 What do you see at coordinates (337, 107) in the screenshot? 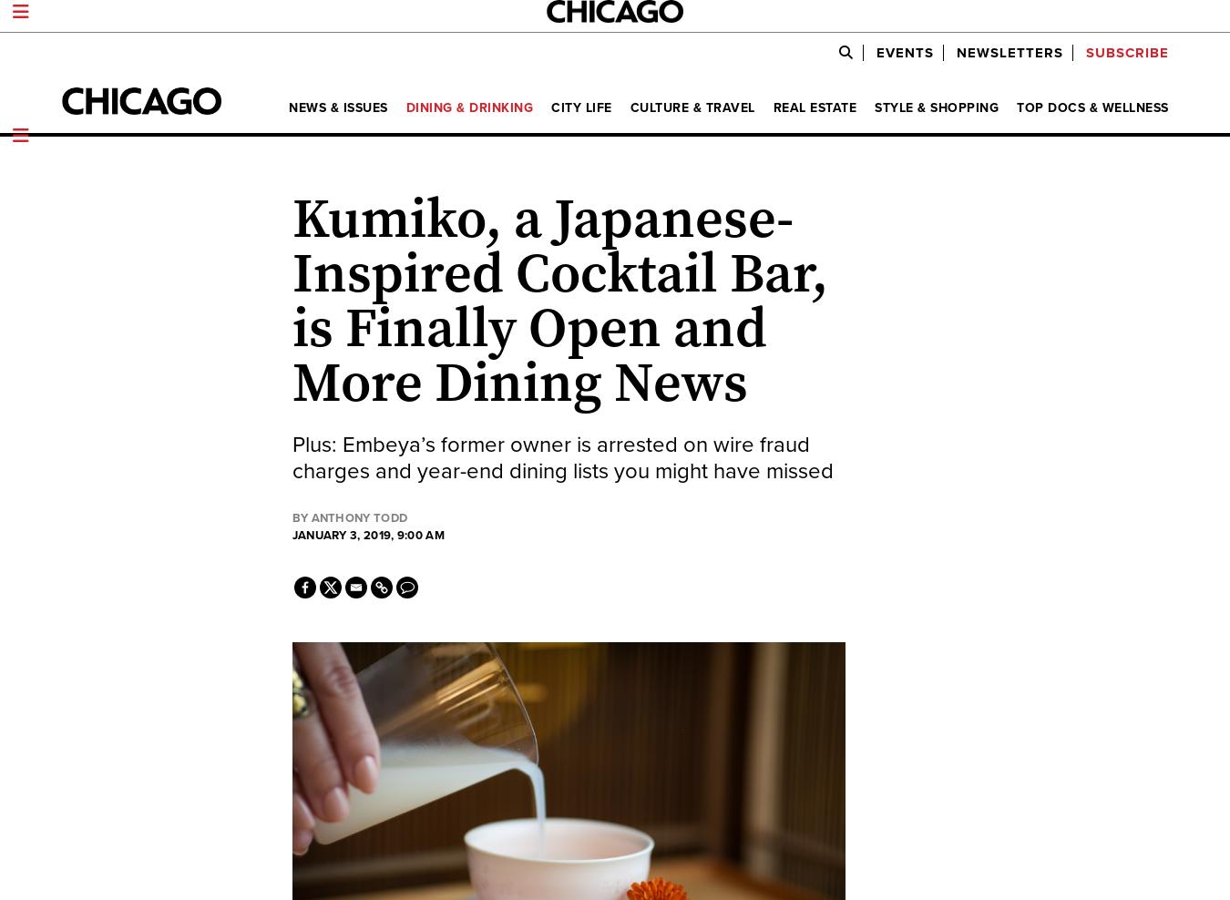
I see `'News & Issues'` at bounding box center [337, 107].